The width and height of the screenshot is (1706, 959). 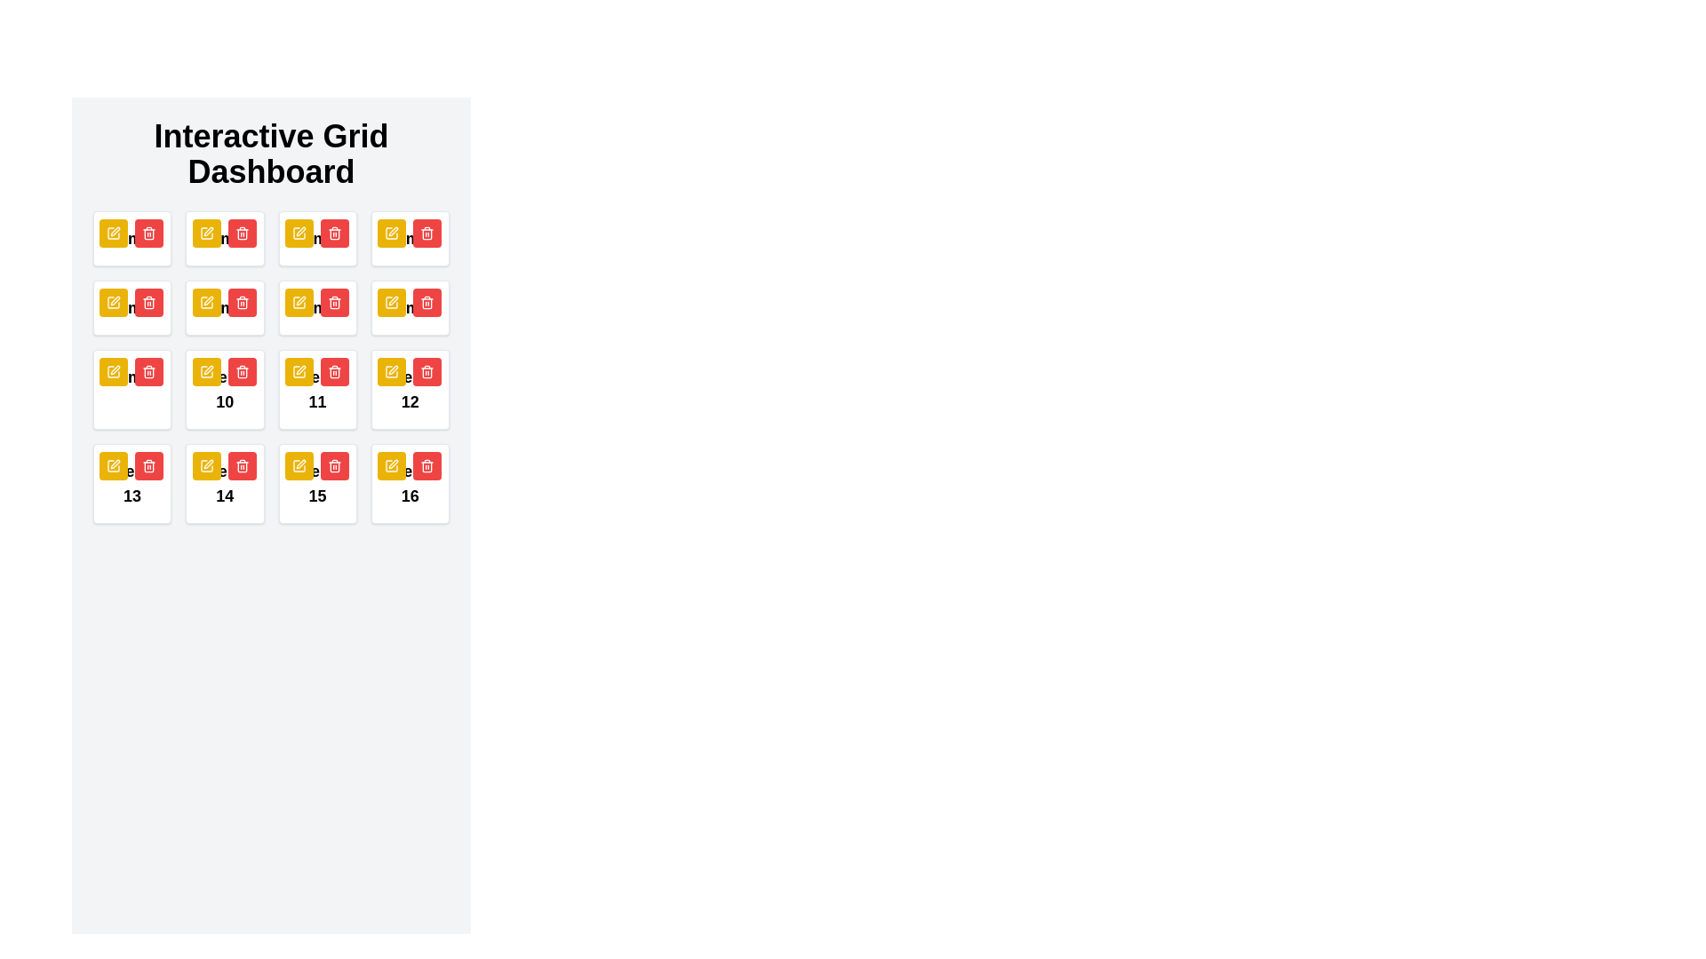 What do you see at coordinates (224, 483) in the screenshot?
I see `the card representing 'Item 14' in the 'Interactive Grid Dashboard', located in the second card of the bottom-most row` at bounding box center [224, 483].